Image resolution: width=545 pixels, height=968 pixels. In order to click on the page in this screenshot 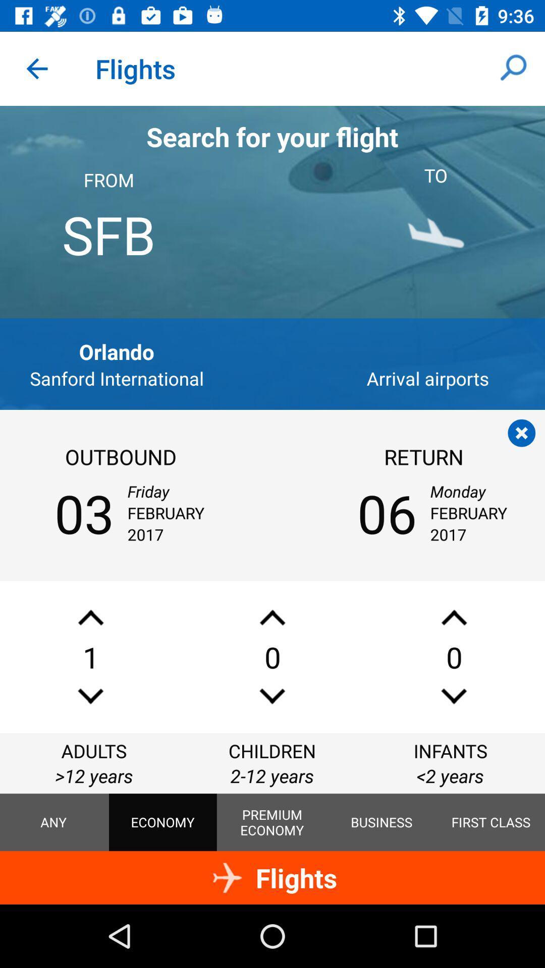, I will do `click(521, 433)`.